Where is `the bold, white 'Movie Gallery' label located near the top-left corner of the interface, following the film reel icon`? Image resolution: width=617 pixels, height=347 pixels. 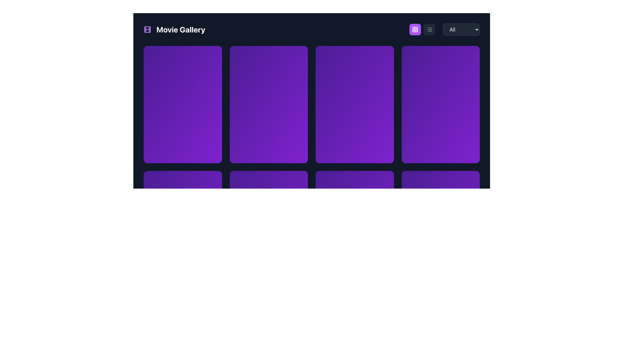 the bold, white 'Movie Gallery' label located near the top-left corner of the interface, following the film reel icon is located at coordinates (180, 30).